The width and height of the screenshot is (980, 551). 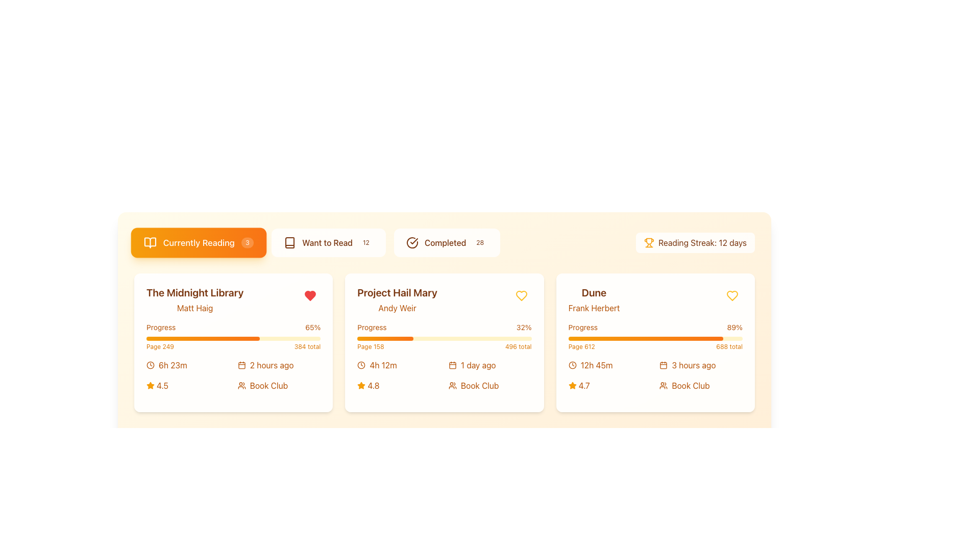 I want to click on the informational Text Label indicating the total count of pages or items, positioned at the bottom right of 'The Midnight Library' card, next to 'Page 249', so click(x=307, y=346).